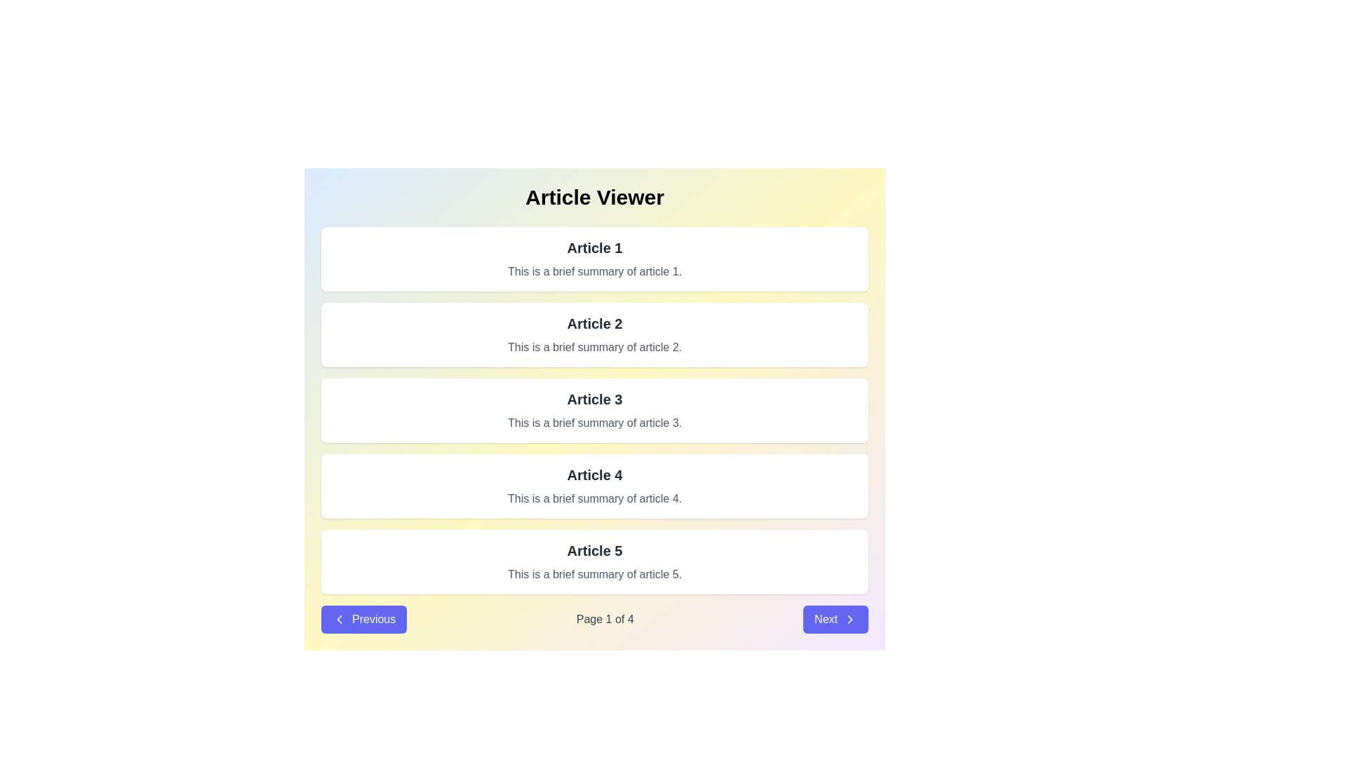 The height and width of the screenshot is (757, 1347). What do you see at coordinates (595, 410) in the screenshot?
I see `the static display card element labeled 'Article 3', which features a white background and contains a heading in bold dark gray text, located within the 'Article Viewer' section` at bounding box center [595, 410].